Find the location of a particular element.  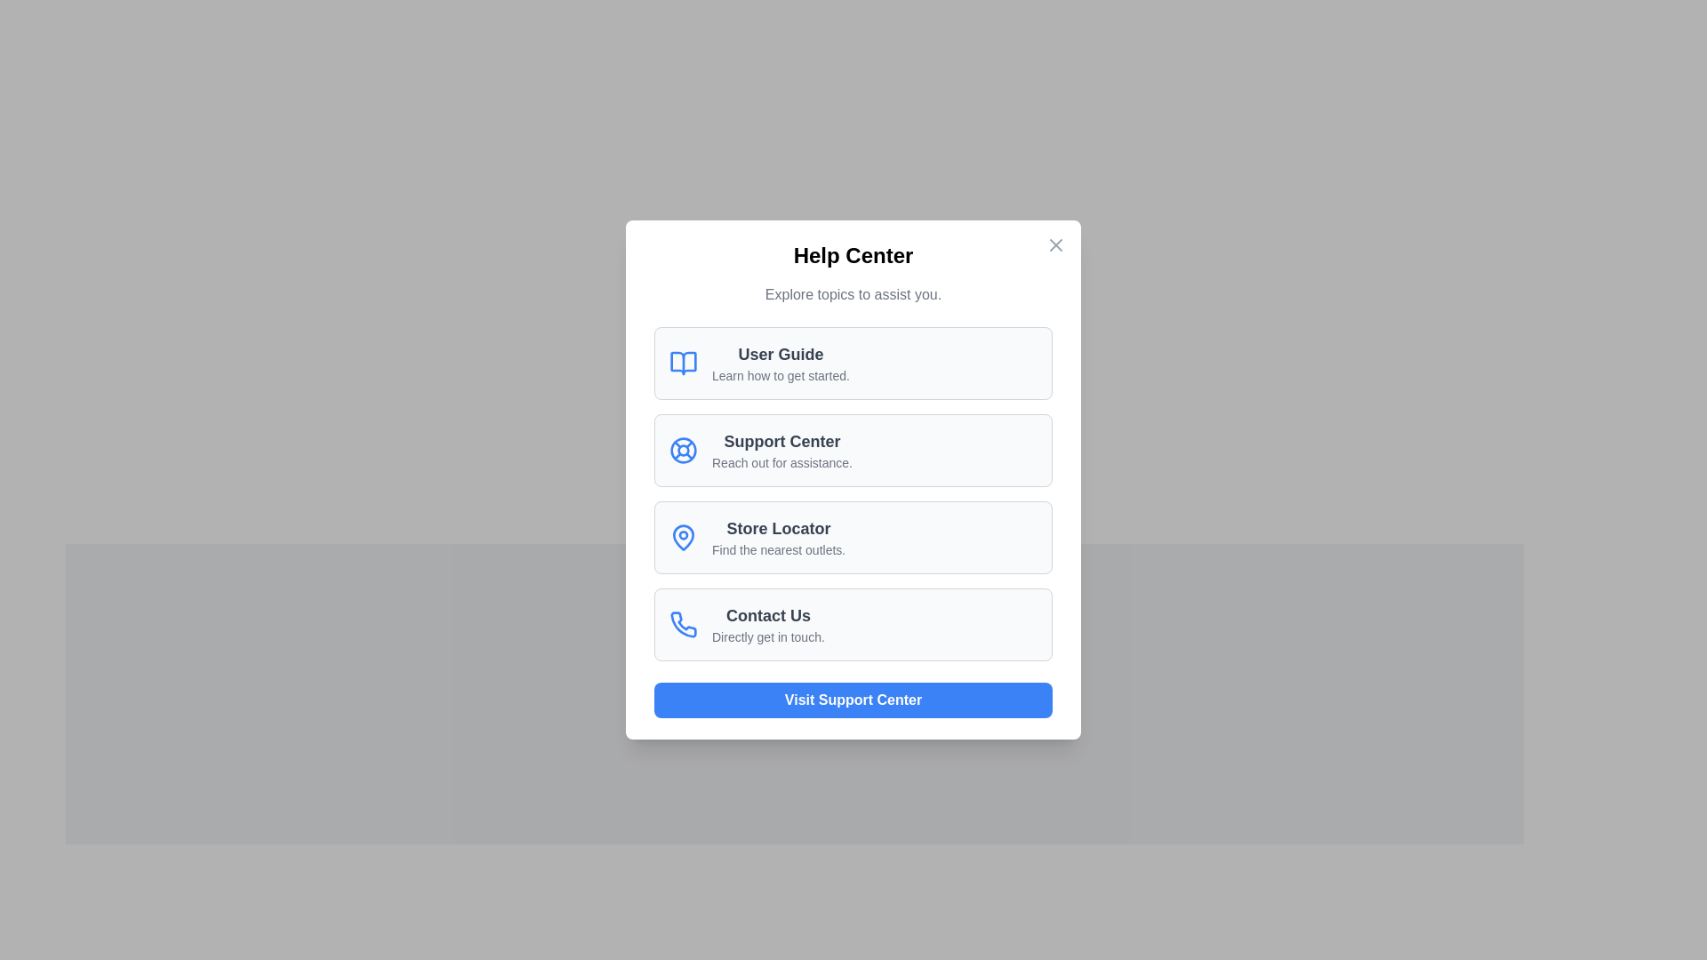

the 'Store Locator' text label, which is bold and dark gray, located within the 'Help Center' interface, specifically the third option in the card-like structure is located at coordinates (779, 527).